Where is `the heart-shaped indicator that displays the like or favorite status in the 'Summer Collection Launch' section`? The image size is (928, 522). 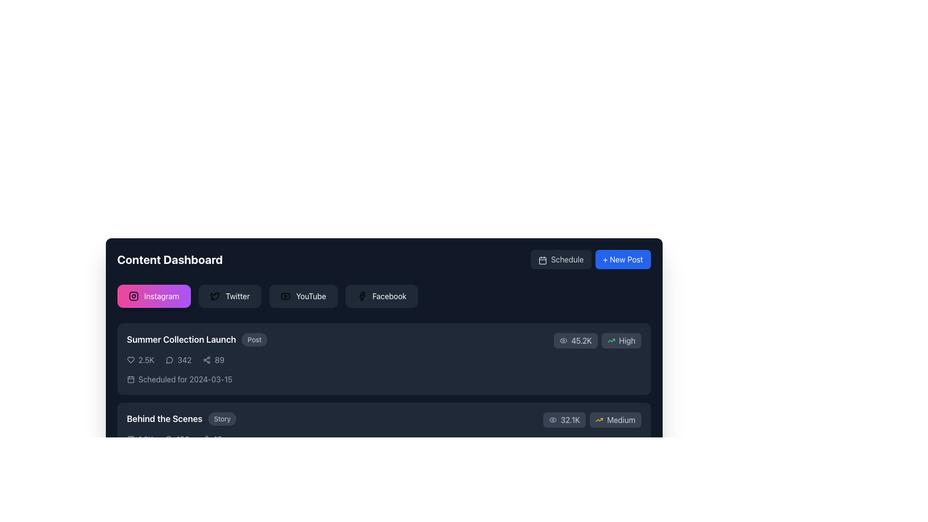 the heart-shaped indicator that displays the like or favorite status in the 'Summer Collection Launch' section is located at coordinates (130, 360).